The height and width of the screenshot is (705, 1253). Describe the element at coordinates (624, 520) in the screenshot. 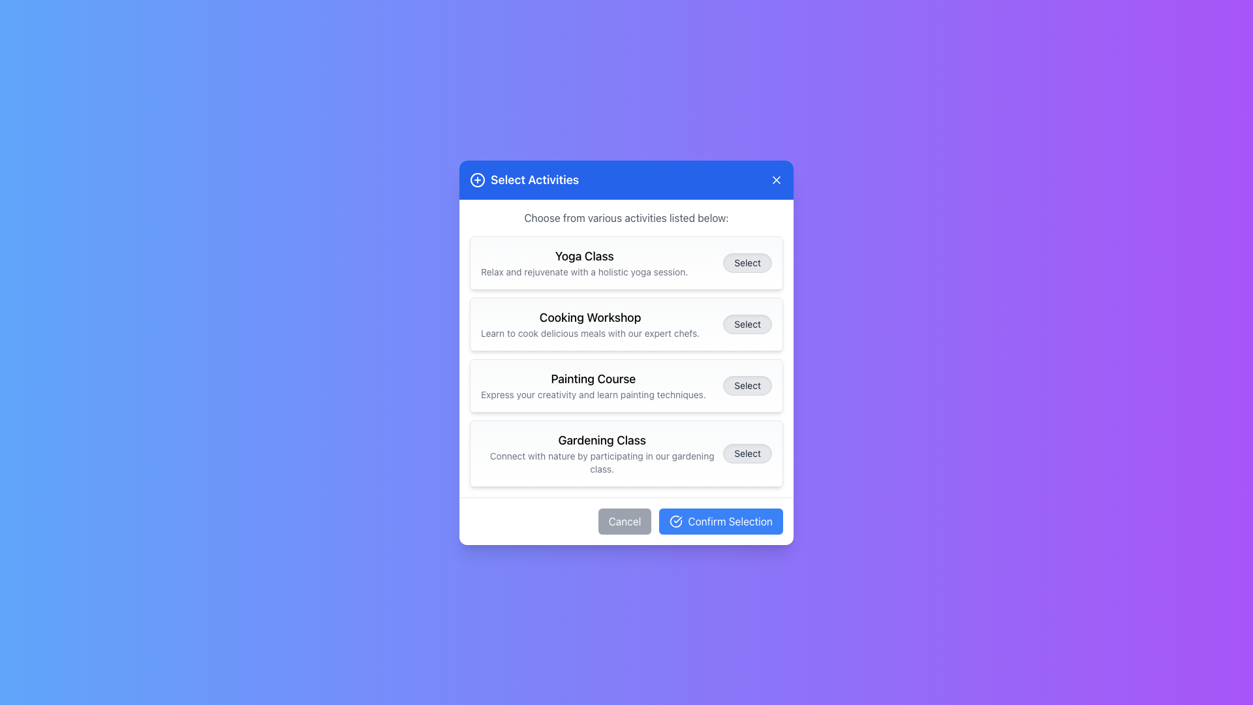

I see `the cancel button located to the left of the 'Confirm Selection' button in the bottom centered modal dialog` at that location.